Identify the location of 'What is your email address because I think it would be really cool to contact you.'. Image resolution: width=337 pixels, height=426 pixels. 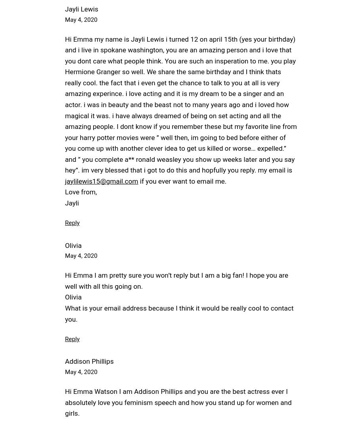
(179, 313).